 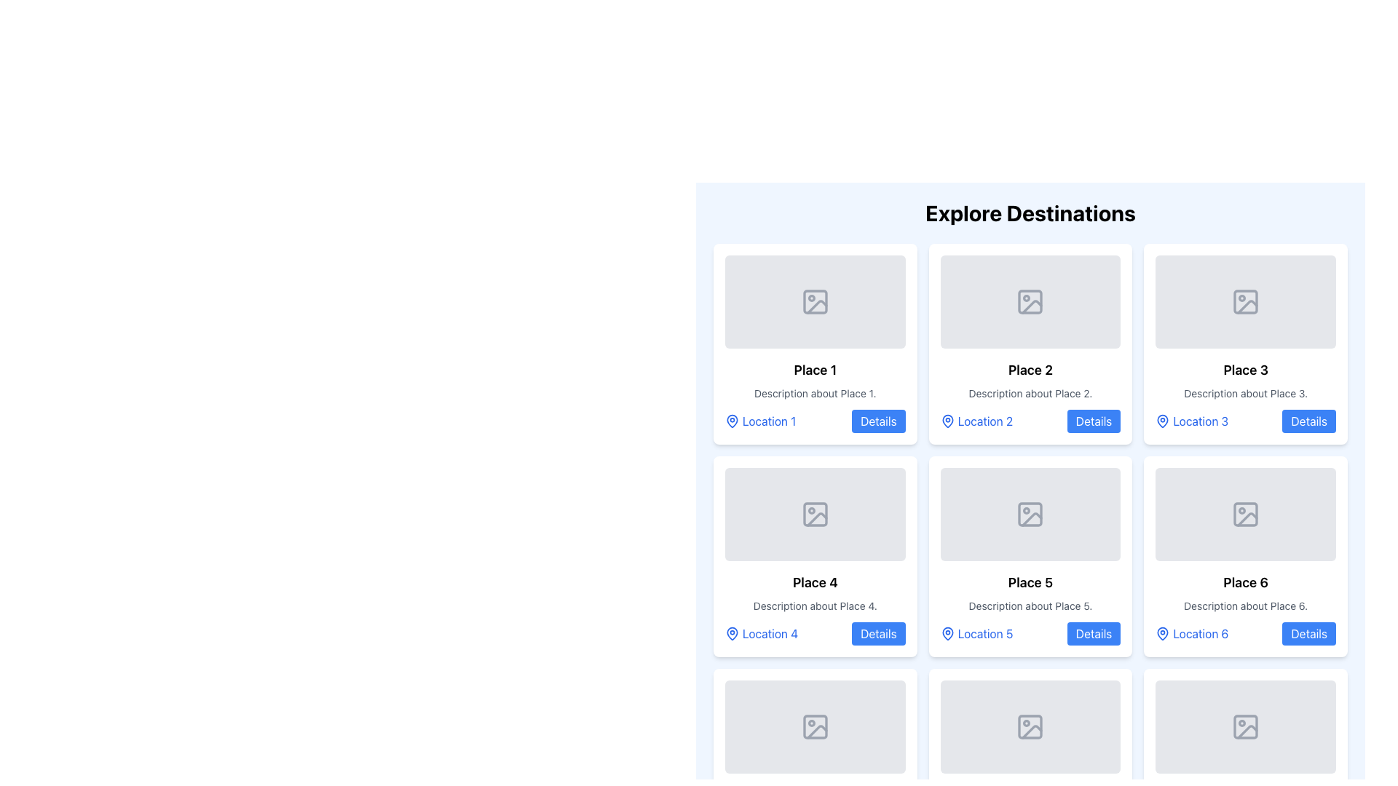 What do you see at coordinates (1245, 370) in the screenshot?
I see `the bold text label 'Place 3', which serves as the title for the third card from the left in the top row` at bounding box center [1245, 370].